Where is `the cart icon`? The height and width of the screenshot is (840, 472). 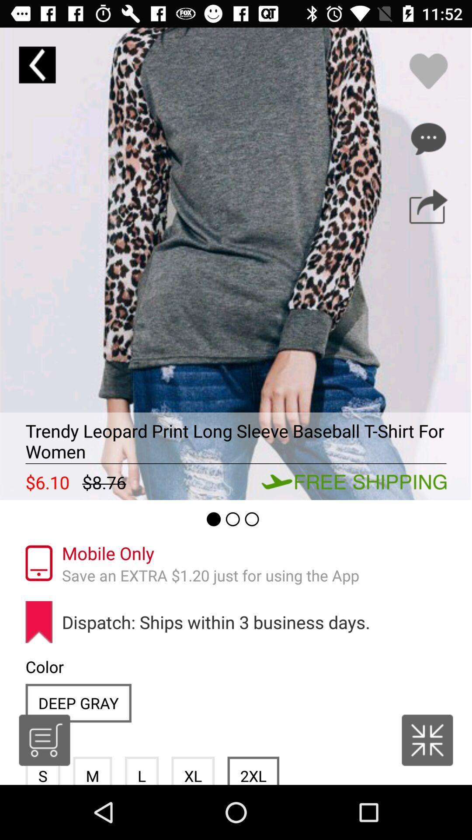 the cart icon is located at coordinates (44, 740).